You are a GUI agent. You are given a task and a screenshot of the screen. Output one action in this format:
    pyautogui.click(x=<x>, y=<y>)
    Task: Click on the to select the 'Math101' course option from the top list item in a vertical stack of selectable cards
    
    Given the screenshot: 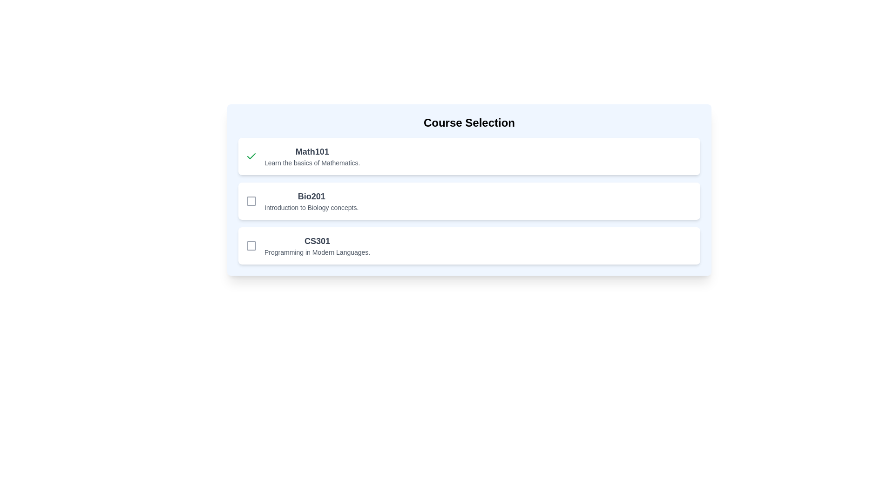 What is the action you would take?
    pyautogui.click(x=469, y=156)
    